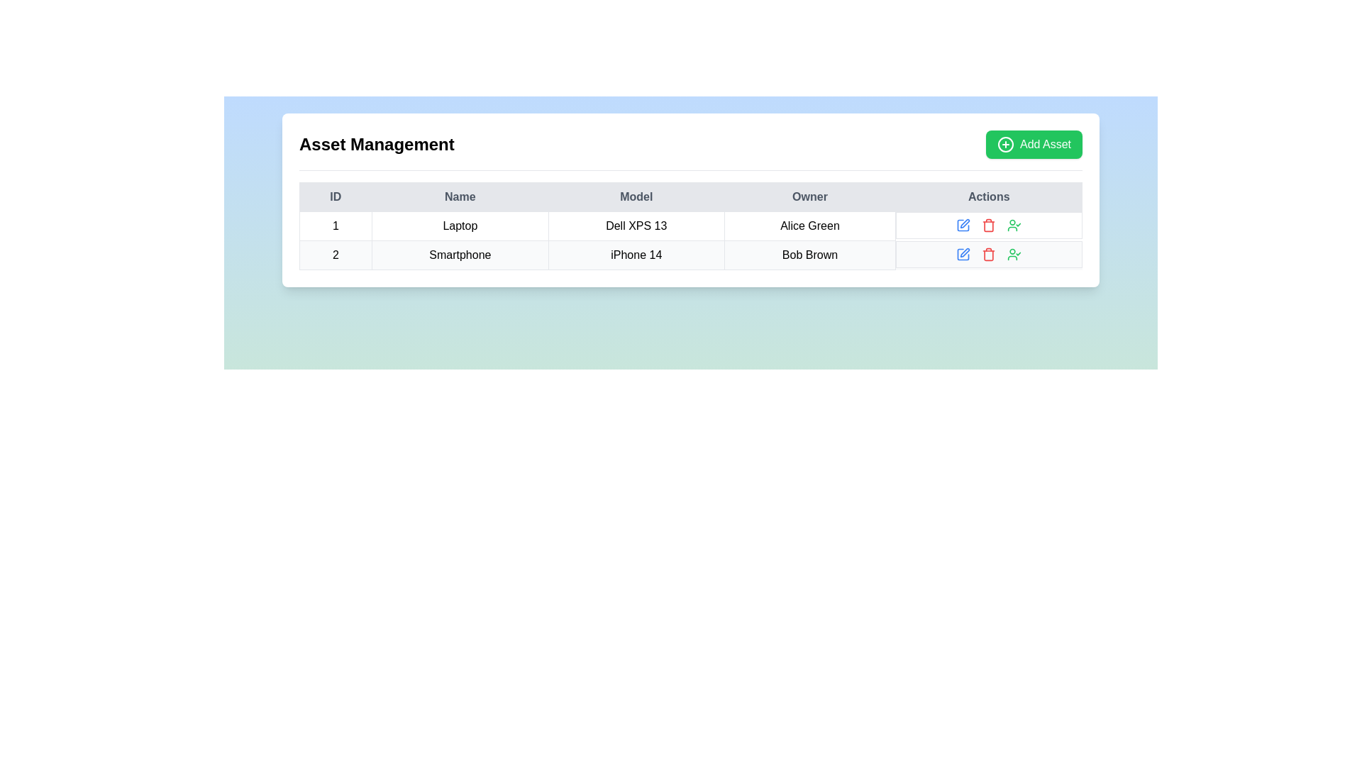 The width and height of the screenshot is (1362, 766). Describe the element at coordinates (335, 254) in the screenshot. I see `the Text display cell that uniquely identifies the row with ID '2' in the table, located in the leftmost column of the second row` at that location.